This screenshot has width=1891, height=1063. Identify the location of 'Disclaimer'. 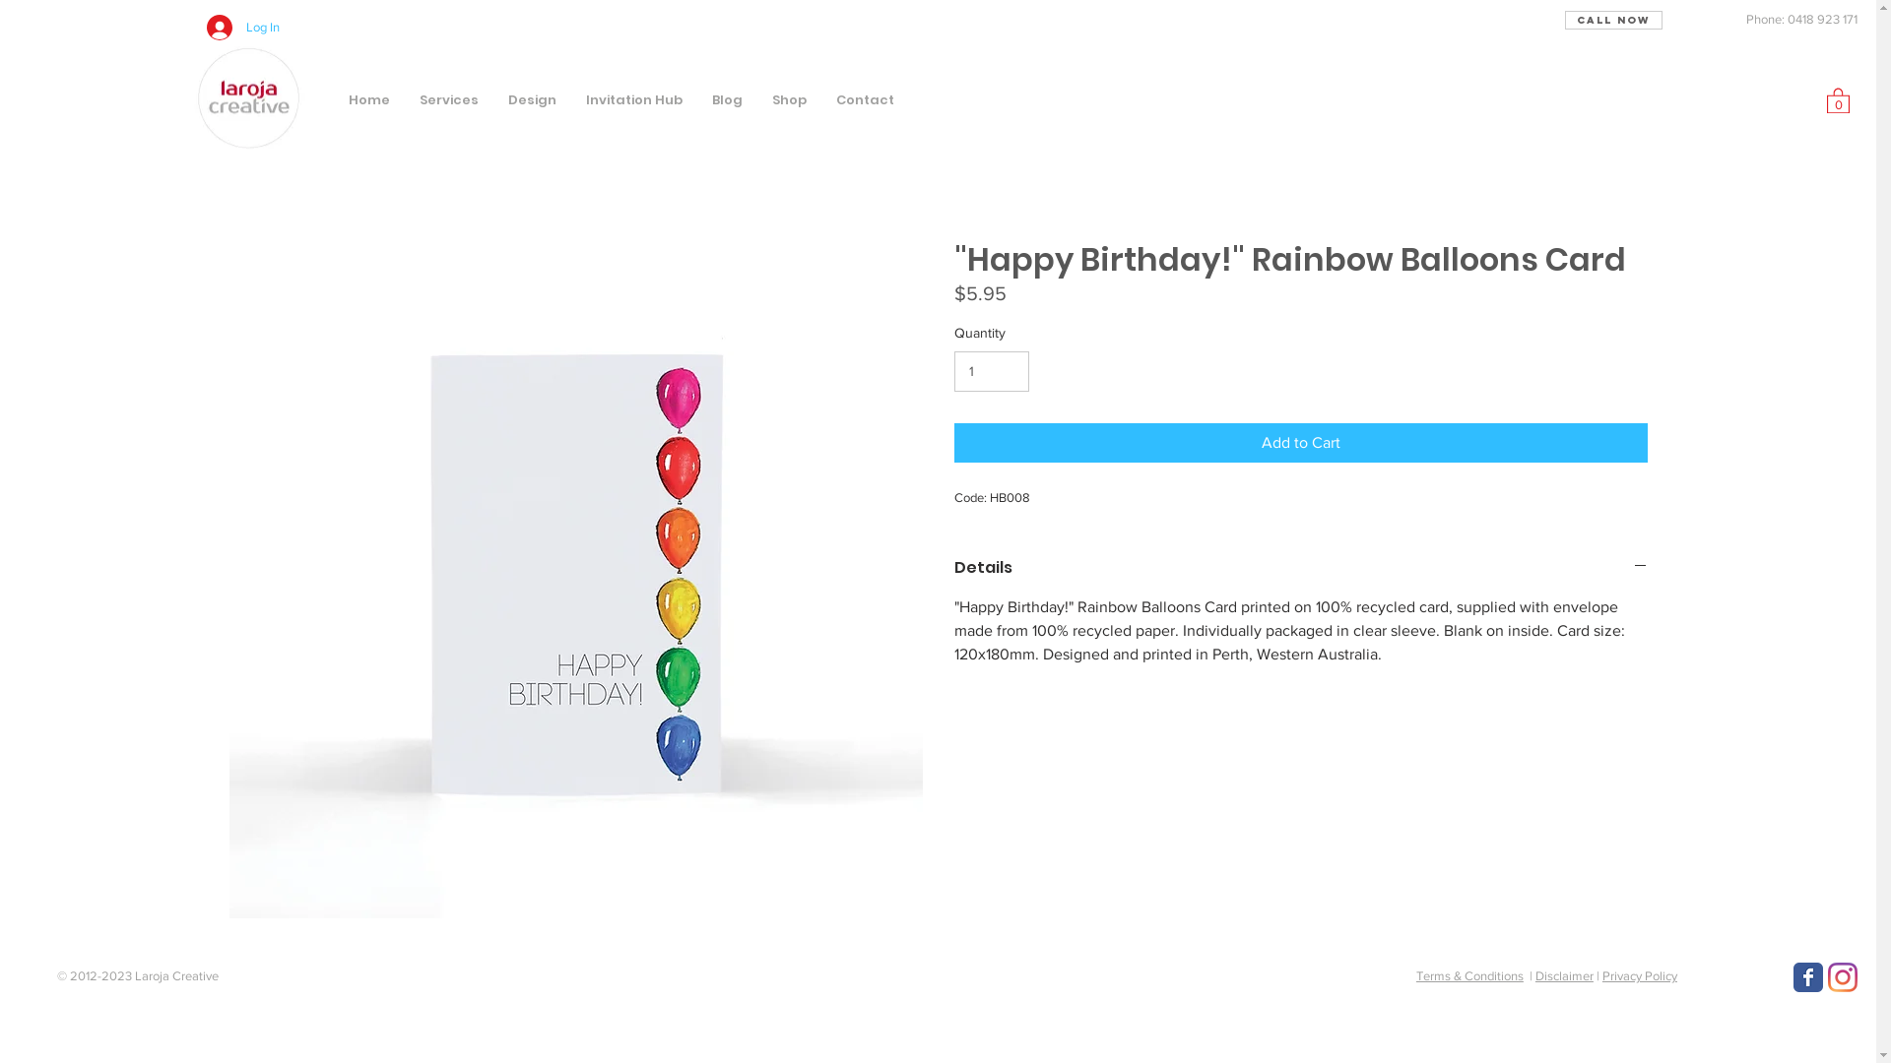
(1563, 975).